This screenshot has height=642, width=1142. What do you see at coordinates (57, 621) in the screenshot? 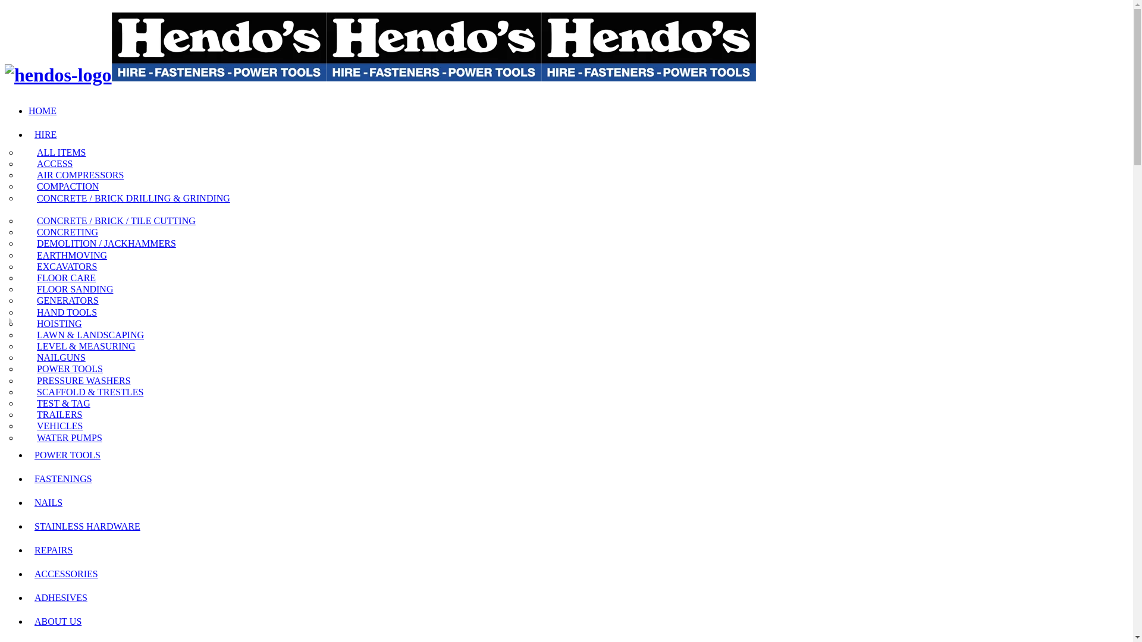
I see `'ABOUT US'` at bounding box center [57, 621].